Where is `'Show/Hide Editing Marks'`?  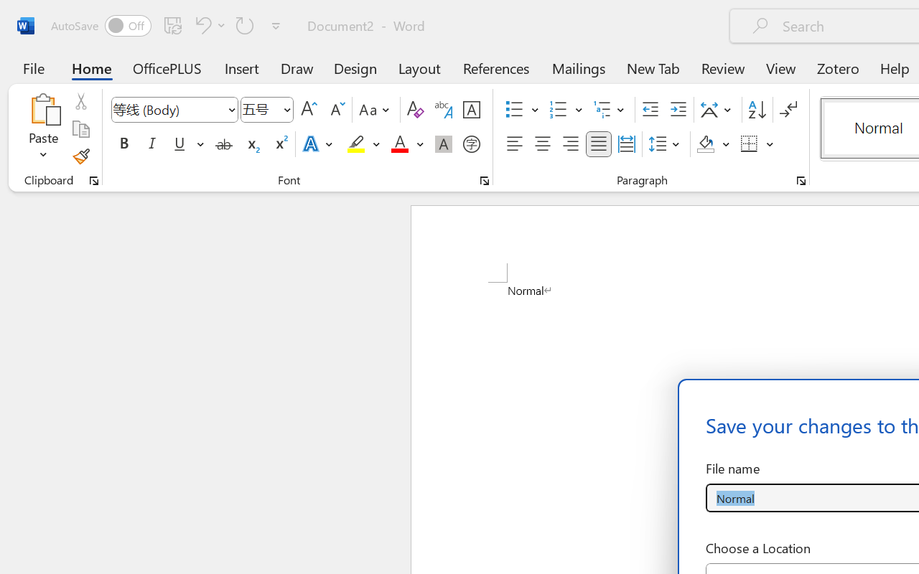 'Show/Hide Editing Marks' is located at coordinates (788, 110).